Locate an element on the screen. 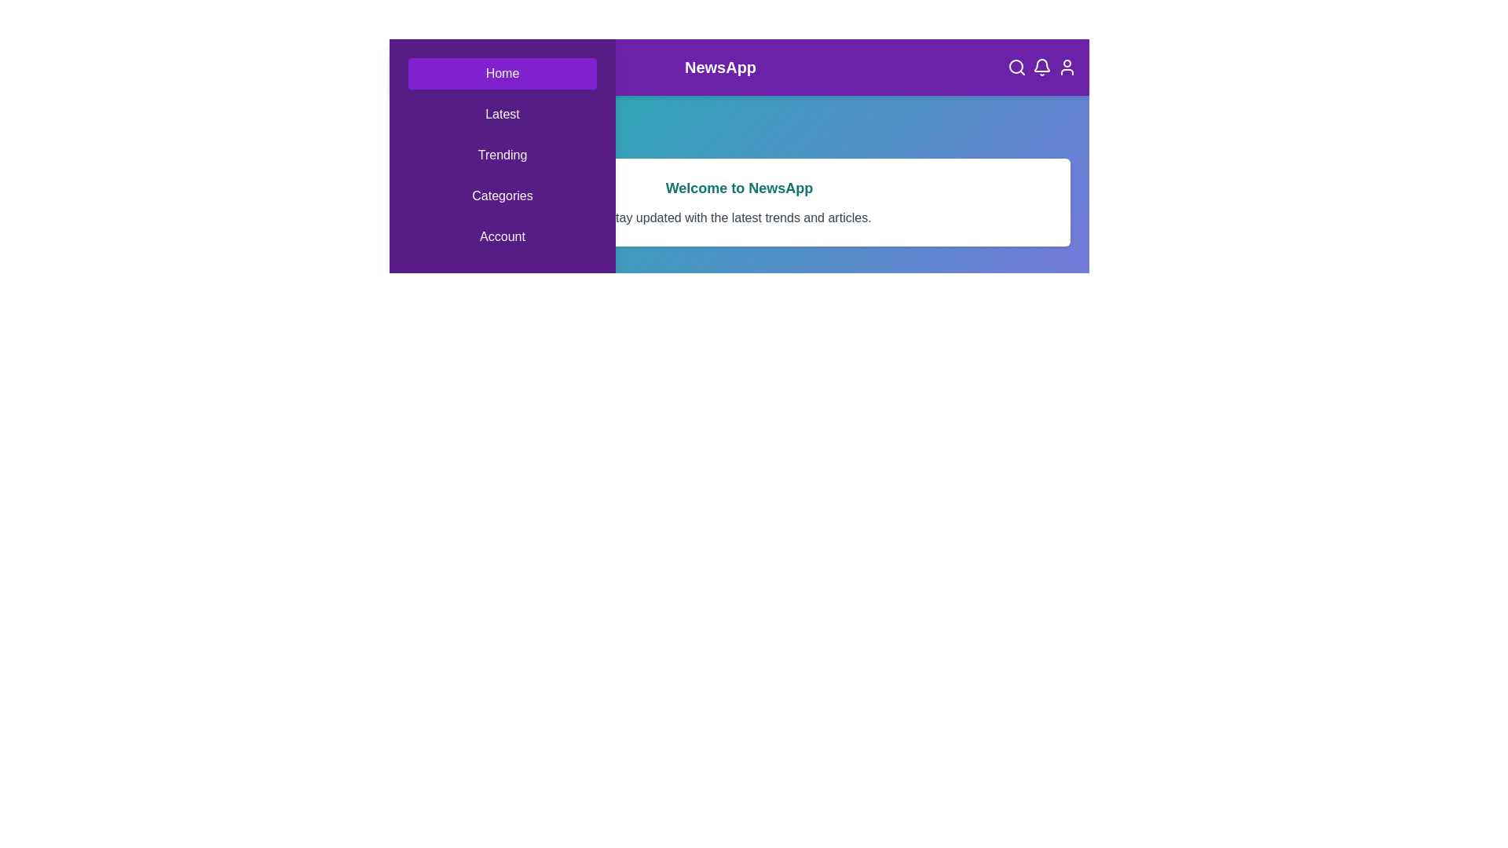 Image resolution: width=1508 pixels, height=848 pixels. the Trending navigation tab is located at coordinates (501, 155).